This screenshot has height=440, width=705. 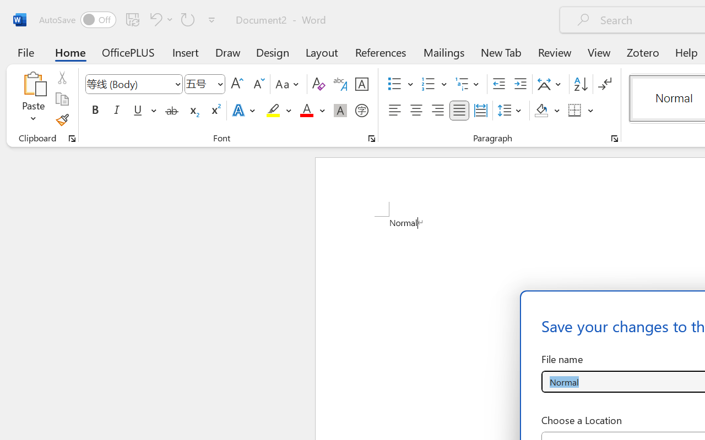 What do you see at coordinates (70, 52) in the screenshot?
I see `'Home'` at bounding box center [70, 52].